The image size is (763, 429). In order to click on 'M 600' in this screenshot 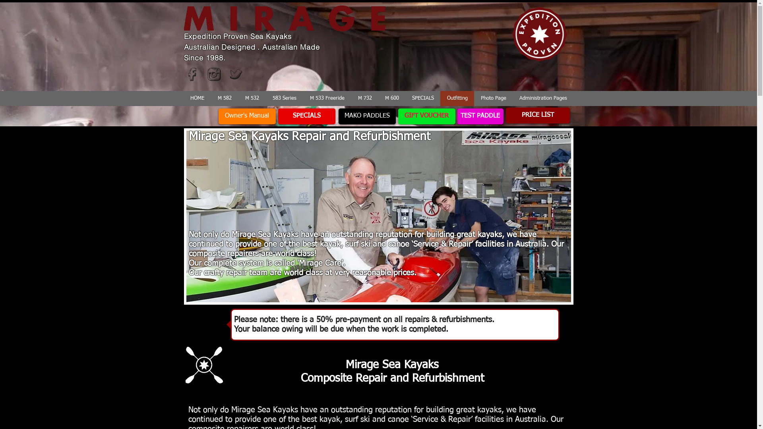, I will do `click(378, 98)`.